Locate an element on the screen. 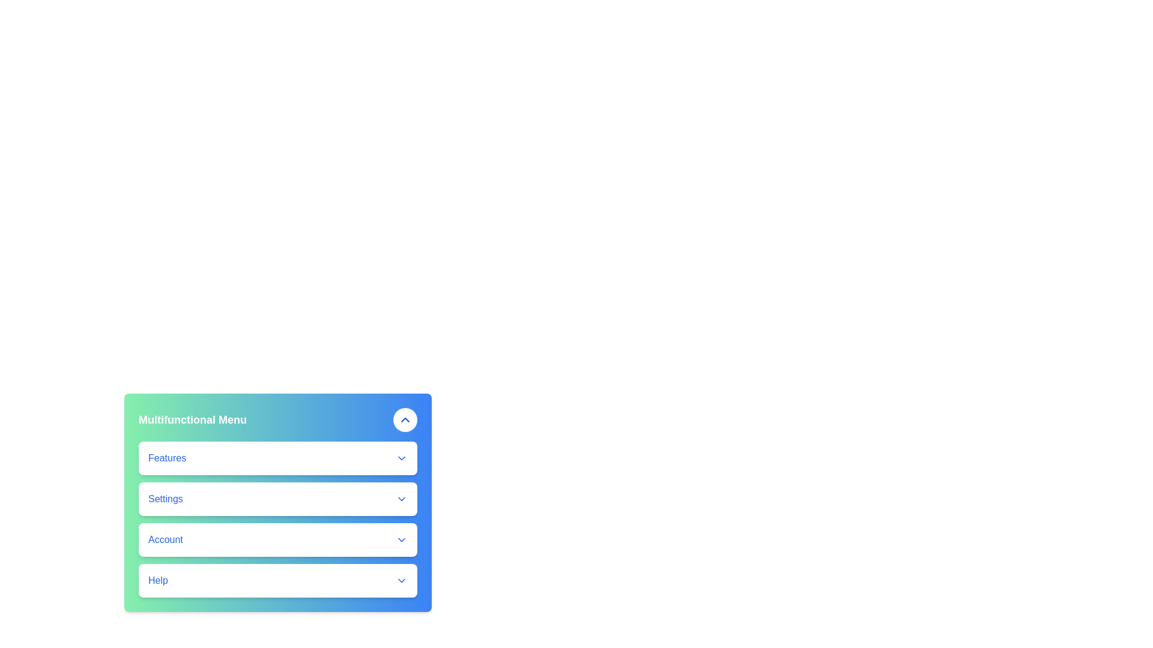 The width and height of the screenshot is (1153, 648). text of the 'Account' label located in the menu, which is the third option in a vertical list, situated between 'Settings' and 'Help' is located at coordinates (165, 539).